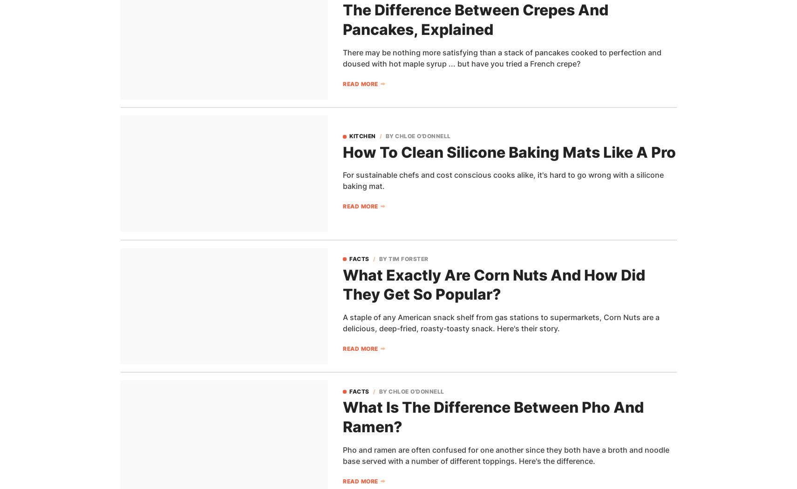  I want to click on 'For sustainable chefs and cost conscious cooks alike, it's hard to go wrong with a silicone baking mat.', so click(503, 180).